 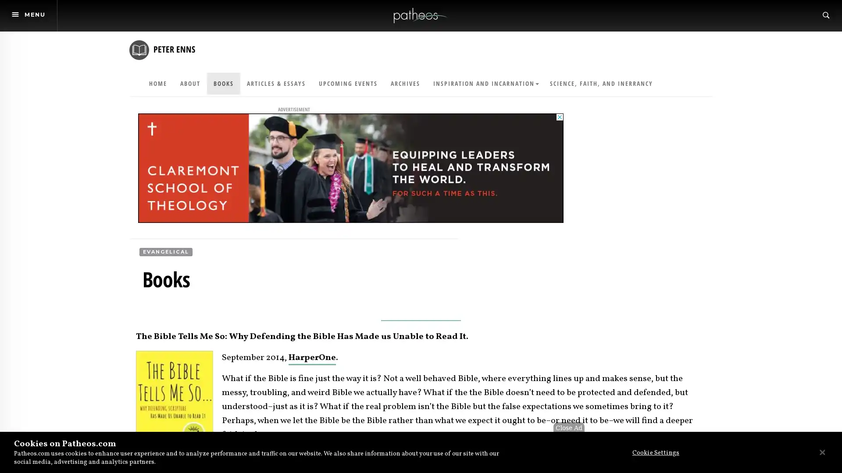 What do you see at coordinates (484, 84) in the screenshot?
I see `INSPIRATION AND INCARNATION` at bounding box center [484, 84].